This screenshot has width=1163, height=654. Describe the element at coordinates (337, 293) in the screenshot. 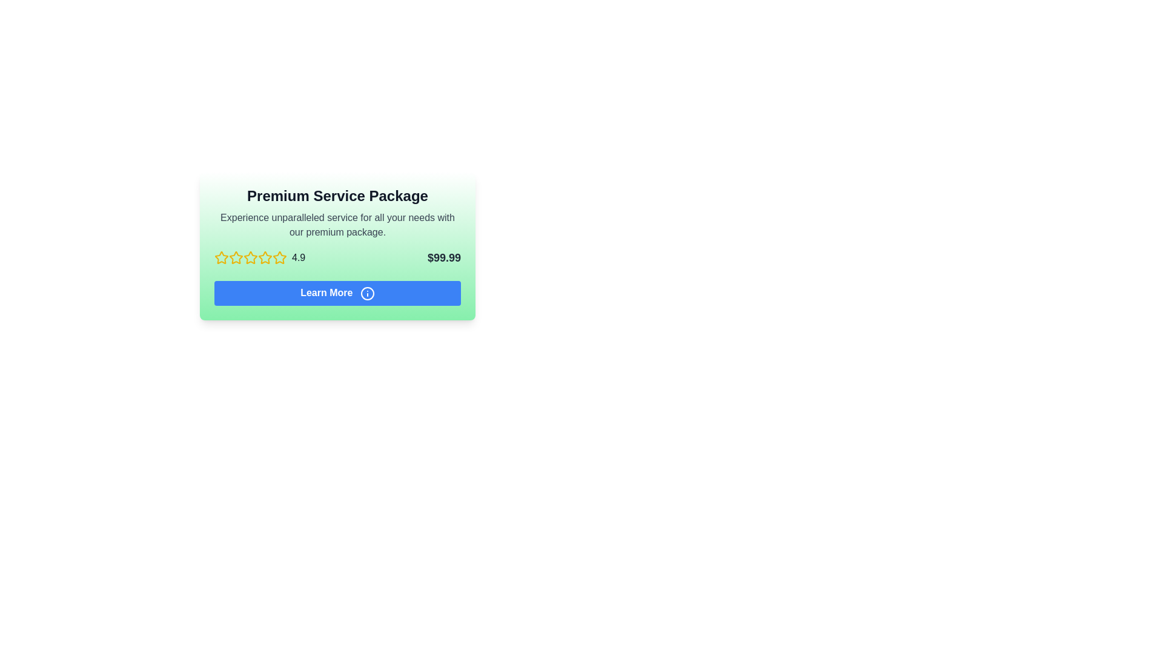

I see `the wide rectangular button with a blue background and white text 'Learn More' to trigger visual feedback` at that location.